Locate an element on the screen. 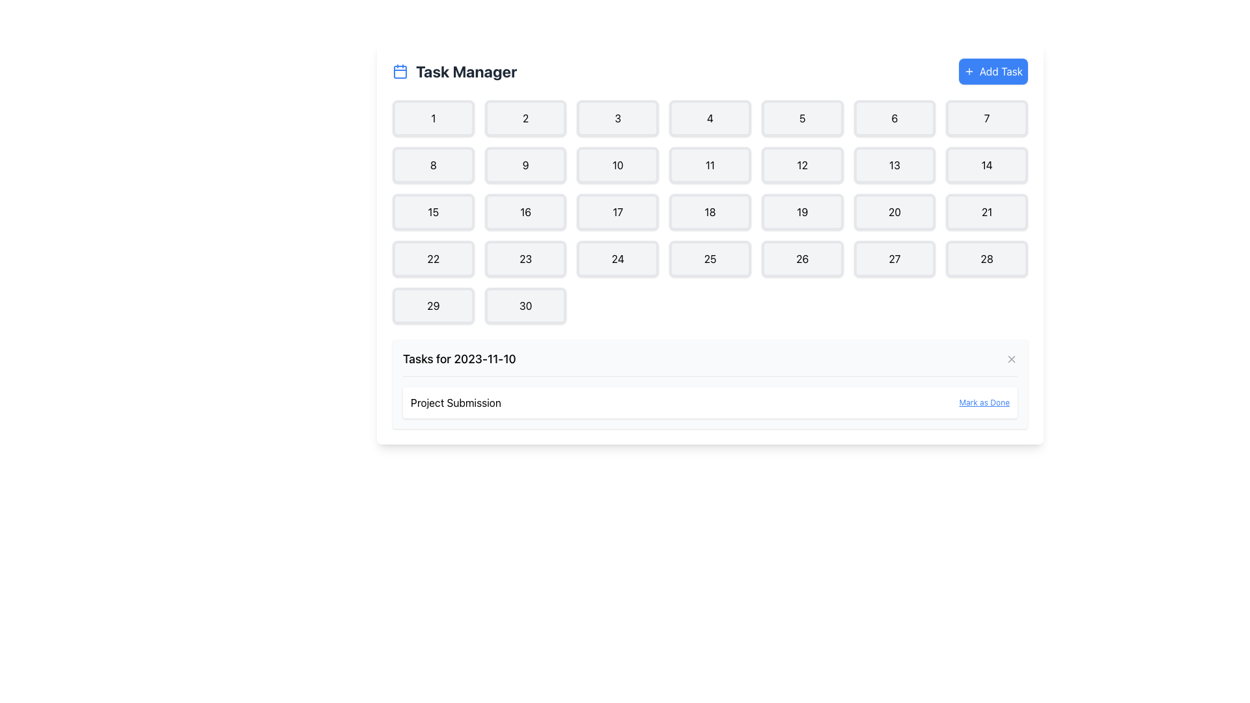 Image resolution: width=1250 pixels, height=703 pixels. the rectangular button with a light gray background and the number '18' displayed in bold font, located in the third row and fourth column of a calendar grid layout is located at coordinates (709, 212).